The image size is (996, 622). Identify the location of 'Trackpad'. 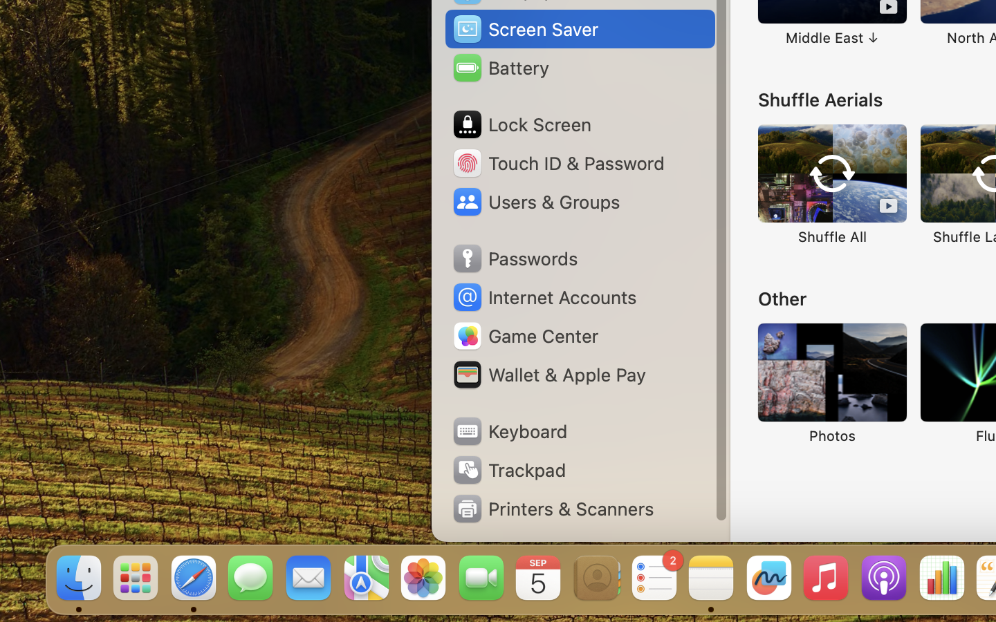
(507, 469).